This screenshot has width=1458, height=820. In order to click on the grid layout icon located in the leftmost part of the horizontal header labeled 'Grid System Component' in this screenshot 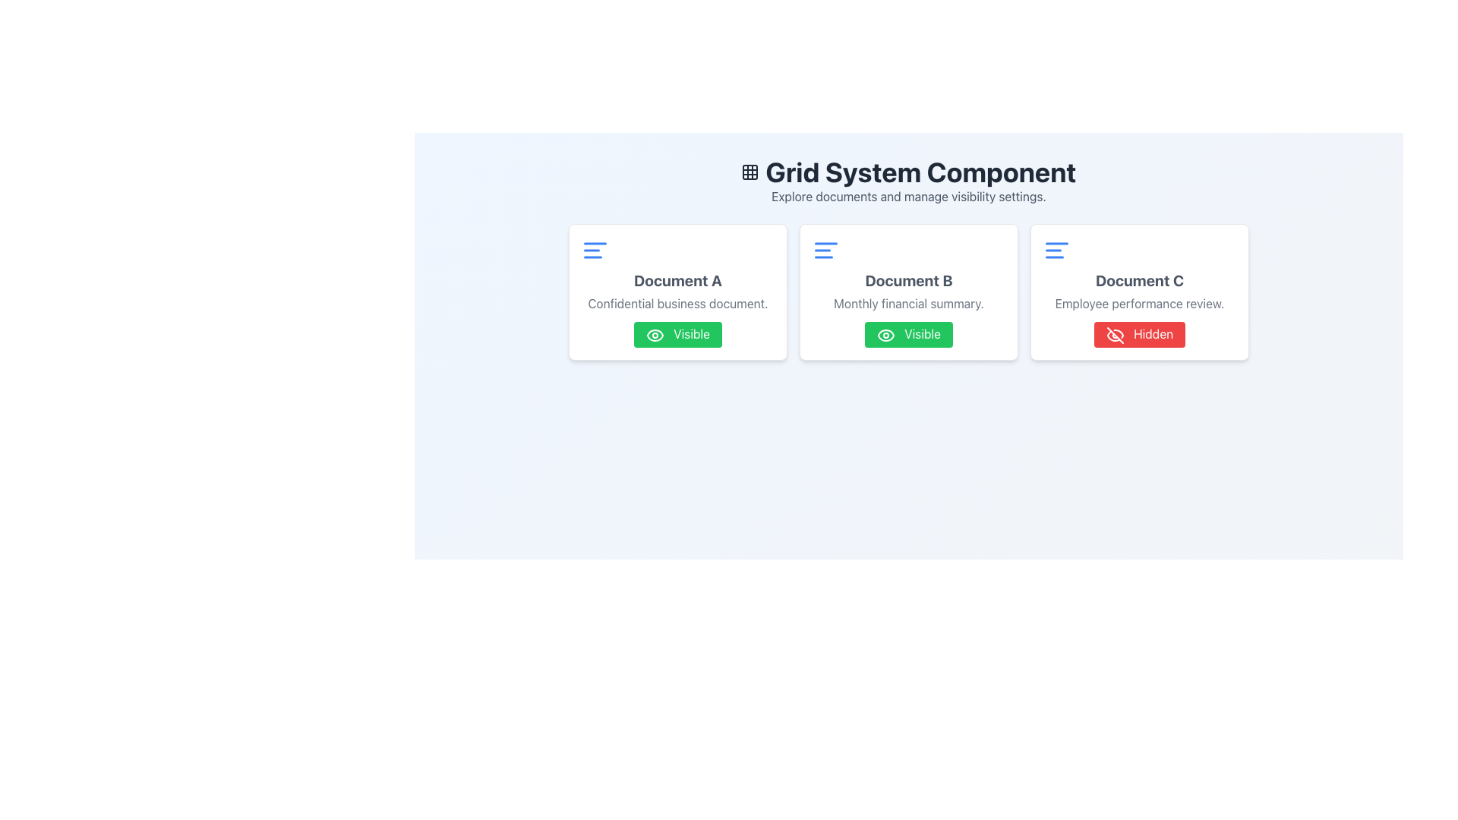, I will do `click(750, 172)`.